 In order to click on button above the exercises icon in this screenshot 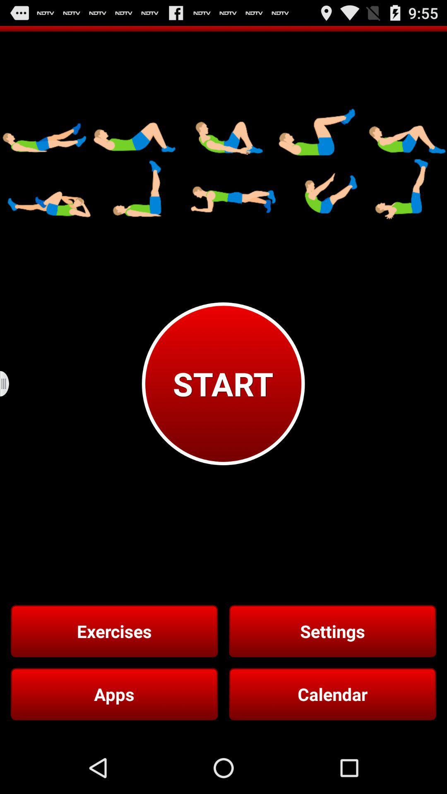, I will do `click(10, 383)`.